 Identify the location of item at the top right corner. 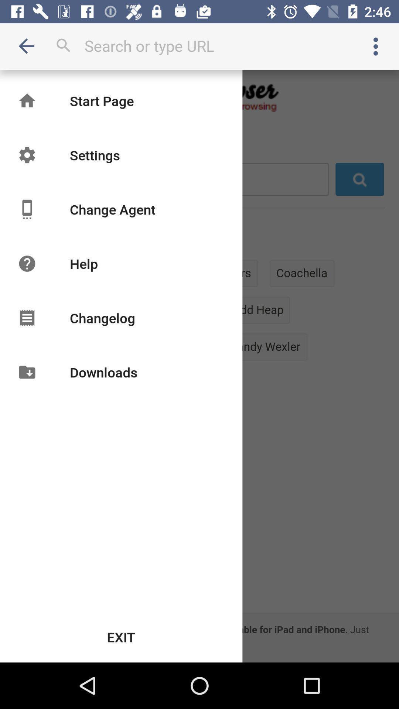
(376, 46).